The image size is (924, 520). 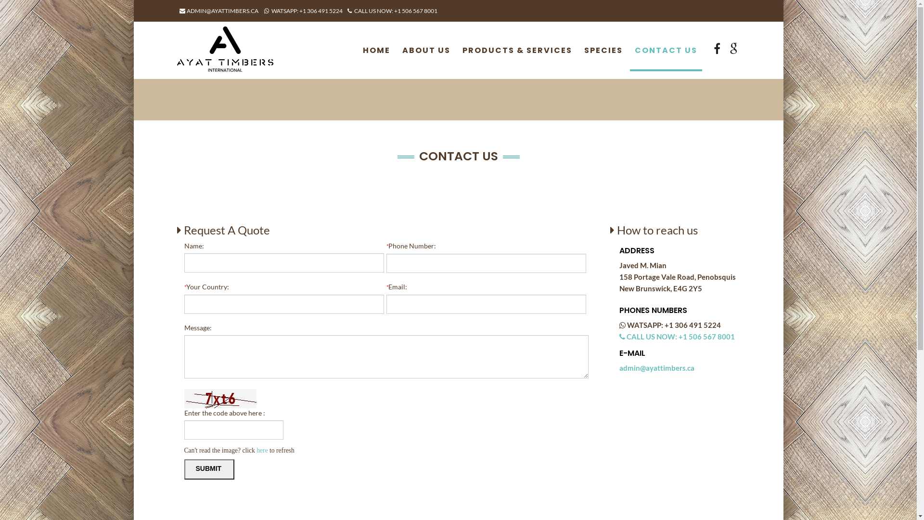 I want to click on 'CALL US NOW: +1 506 567 8001', so click(x=392, y=11).